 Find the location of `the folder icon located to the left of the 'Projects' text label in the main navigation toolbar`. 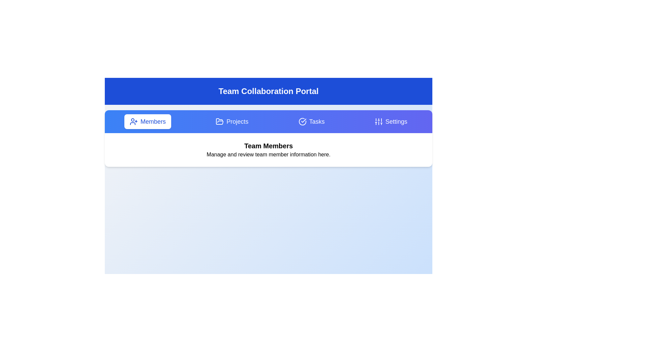

the folder icon located to the left of the 'Projects' text label in the main navigation toolbar is located at coordinates (220, 122).